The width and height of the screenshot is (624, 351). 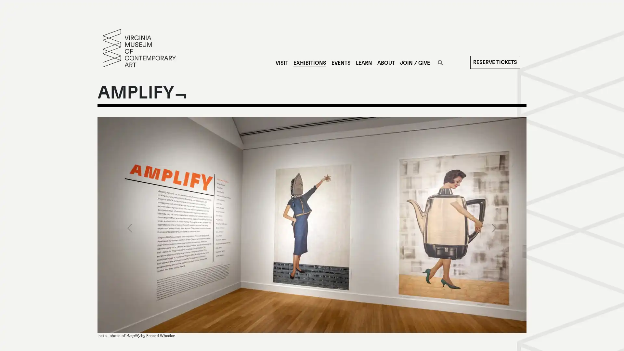 I want to click on Previous, so click(x=129, y=227).